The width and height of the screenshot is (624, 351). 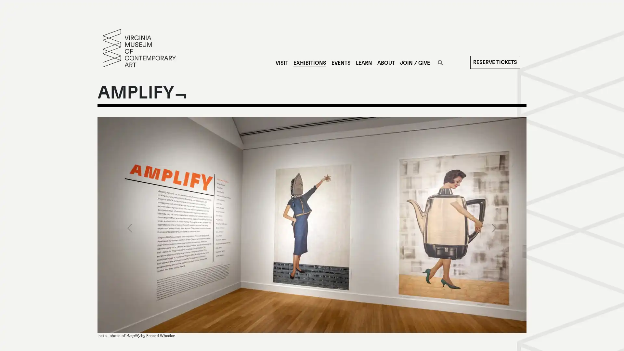 I want to click on Previous, so click(x=129, y=227).